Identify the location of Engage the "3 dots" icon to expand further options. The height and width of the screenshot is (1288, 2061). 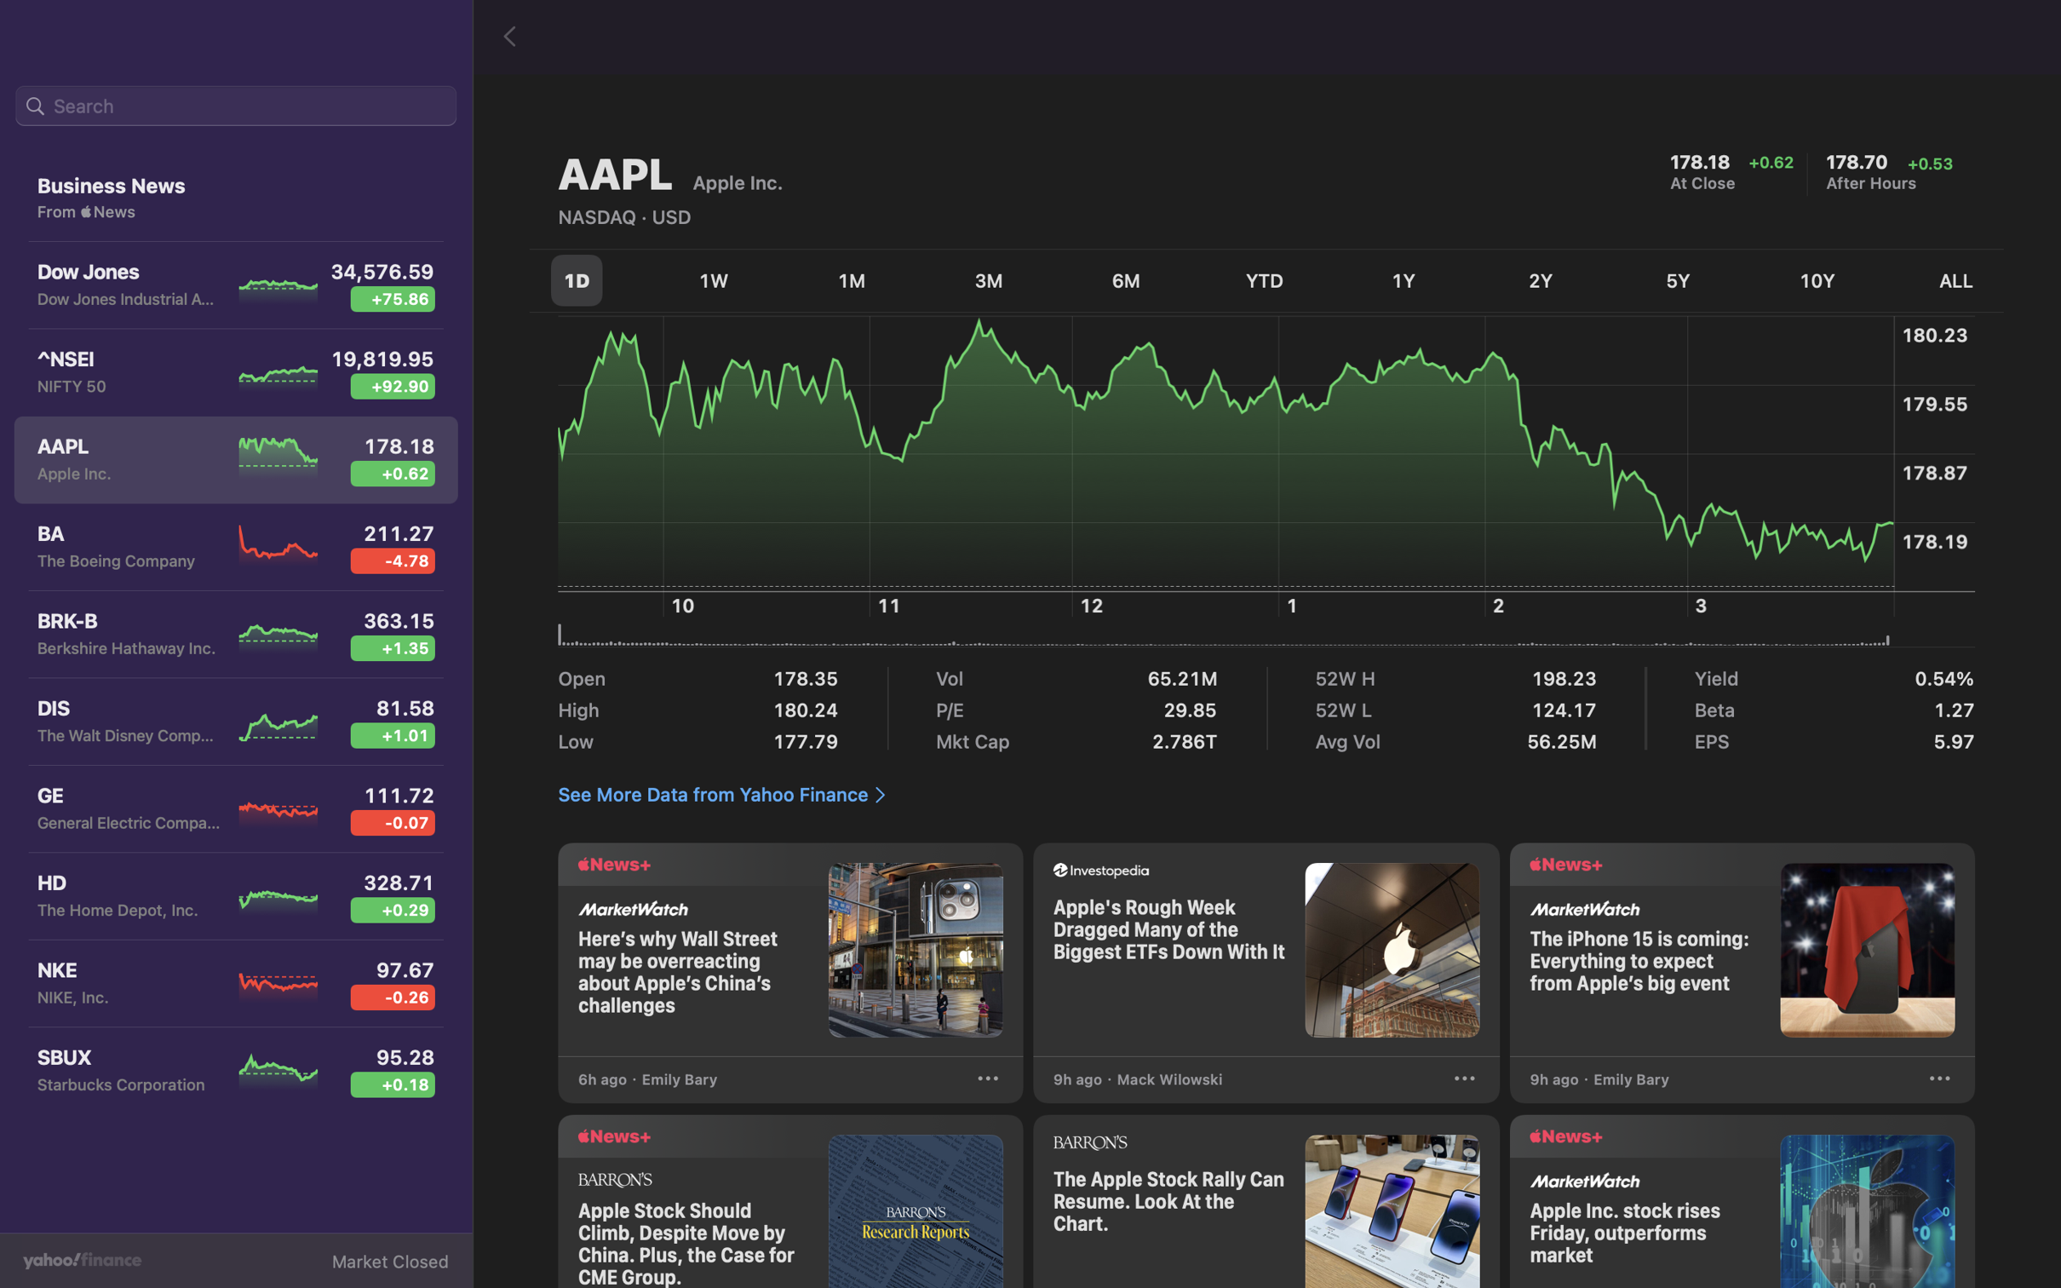
(1938, 1081).